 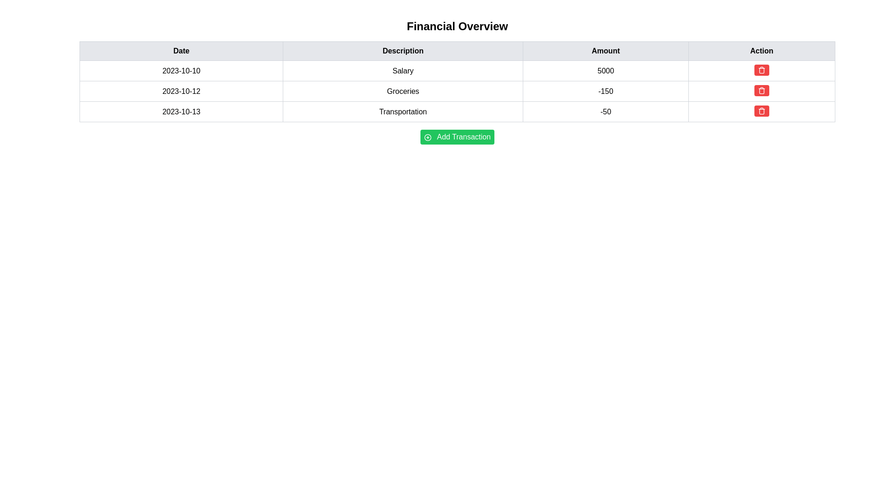 I want to click on the 'Action' header cell in the table, which is the fourth header cell located at the rightmost end of its row, so click(x=761, y=51).